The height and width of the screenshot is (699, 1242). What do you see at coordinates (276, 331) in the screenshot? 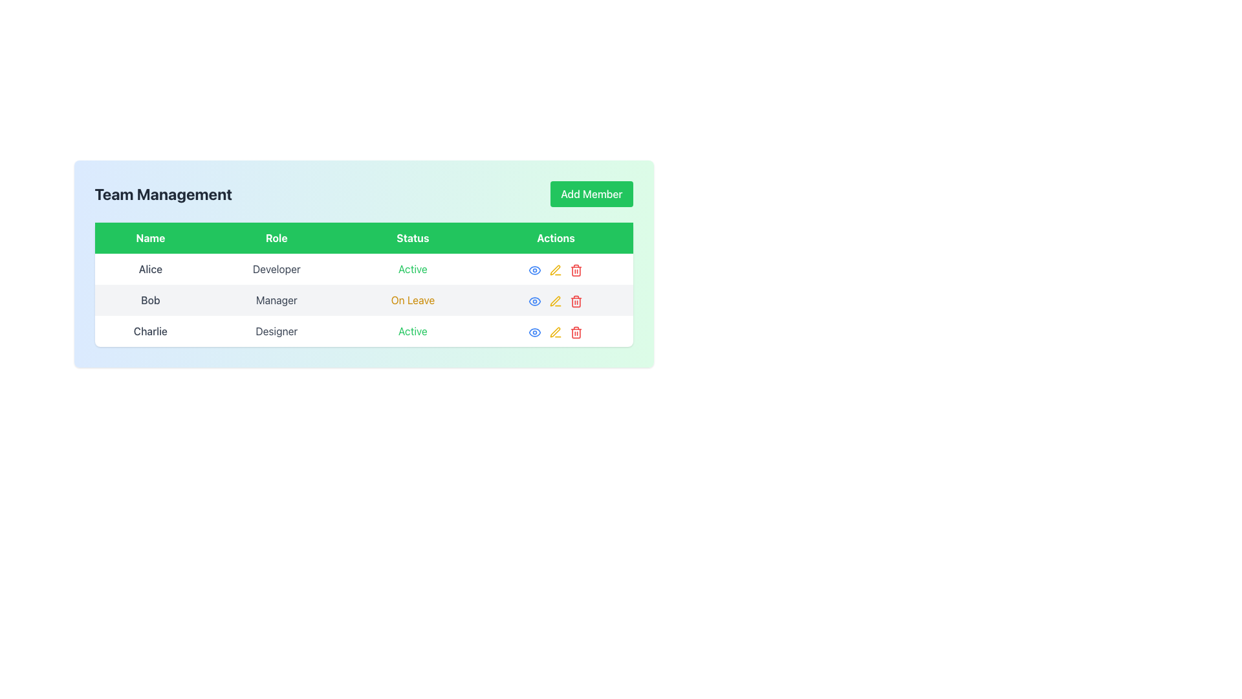
I see `the text label displaying the job title 'Designer' for the user 'Charlie' in the Role column of the table` at bounding box center [276, 331].